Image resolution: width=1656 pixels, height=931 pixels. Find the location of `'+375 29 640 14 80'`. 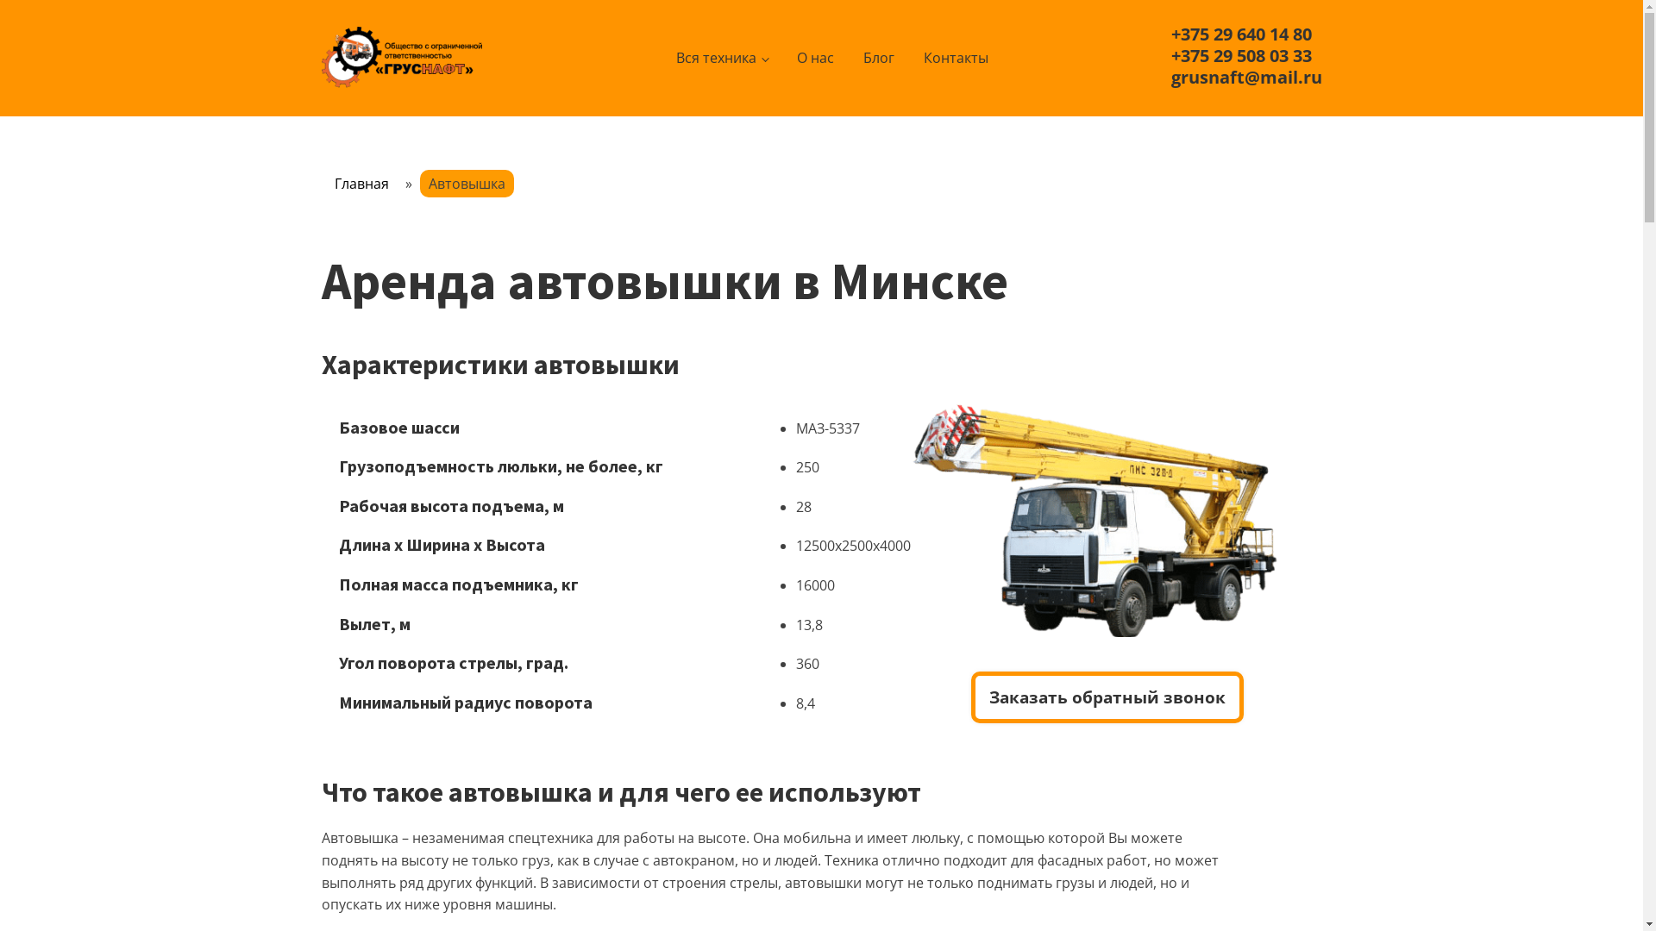

'+375 29 640 14 80' is located at coordinates (1171, 34).